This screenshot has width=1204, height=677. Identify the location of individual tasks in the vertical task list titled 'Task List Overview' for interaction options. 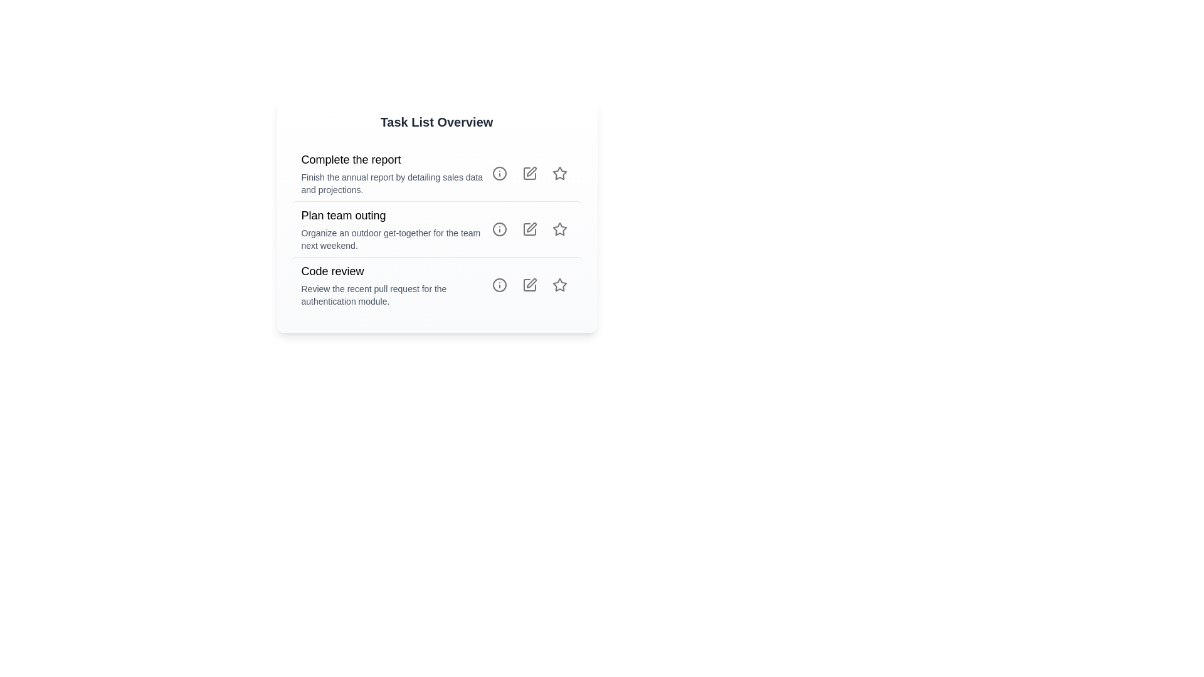
(436, 229).